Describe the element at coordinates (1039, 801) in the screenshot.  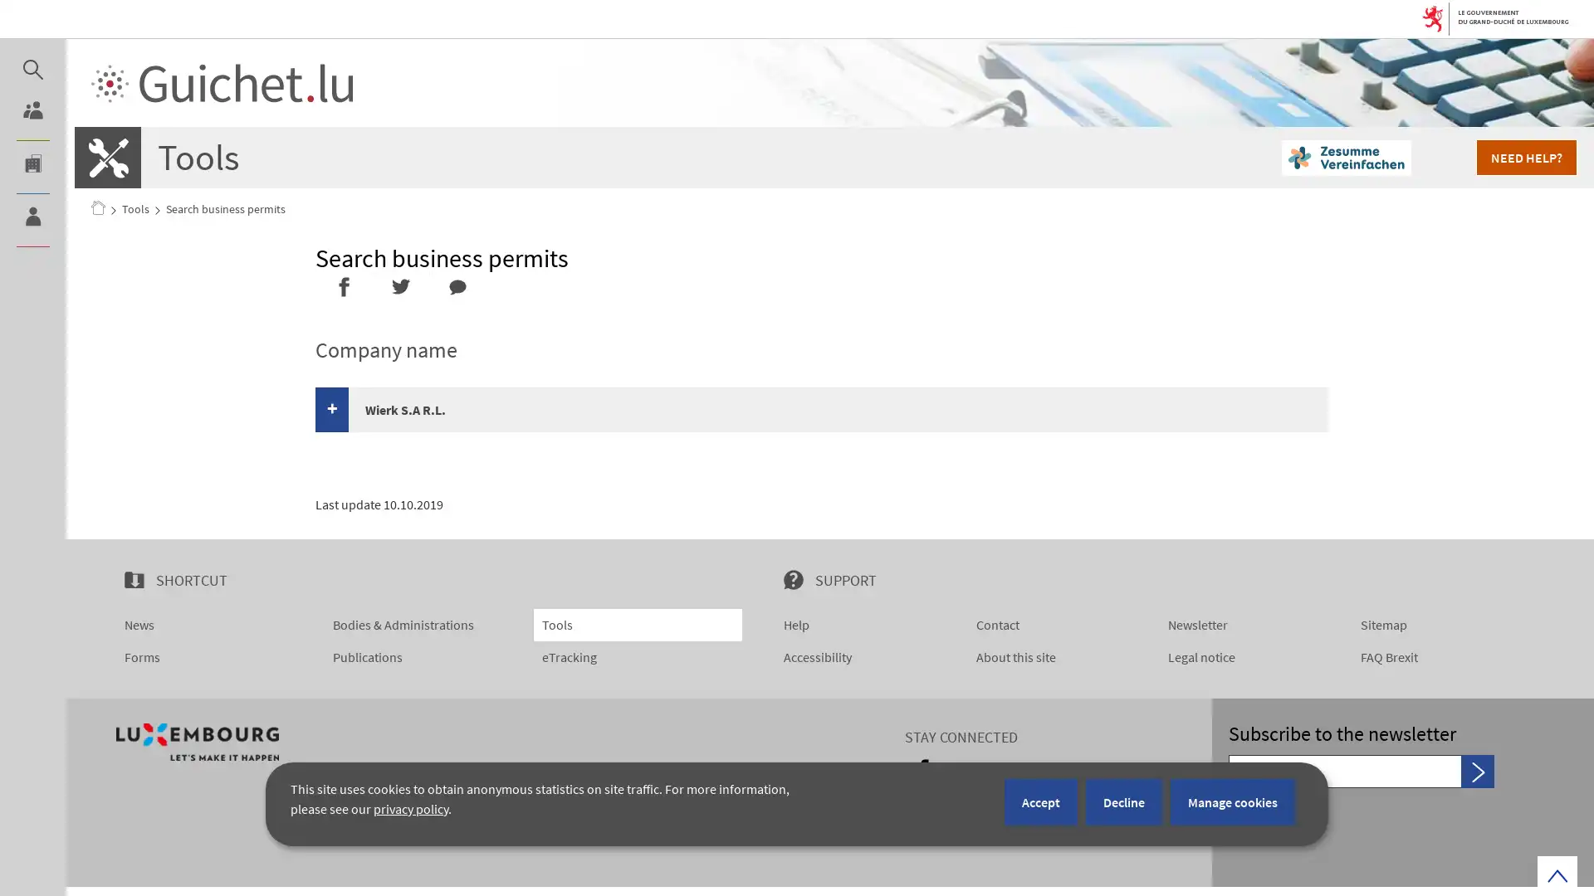
I see `Accept` at that location.